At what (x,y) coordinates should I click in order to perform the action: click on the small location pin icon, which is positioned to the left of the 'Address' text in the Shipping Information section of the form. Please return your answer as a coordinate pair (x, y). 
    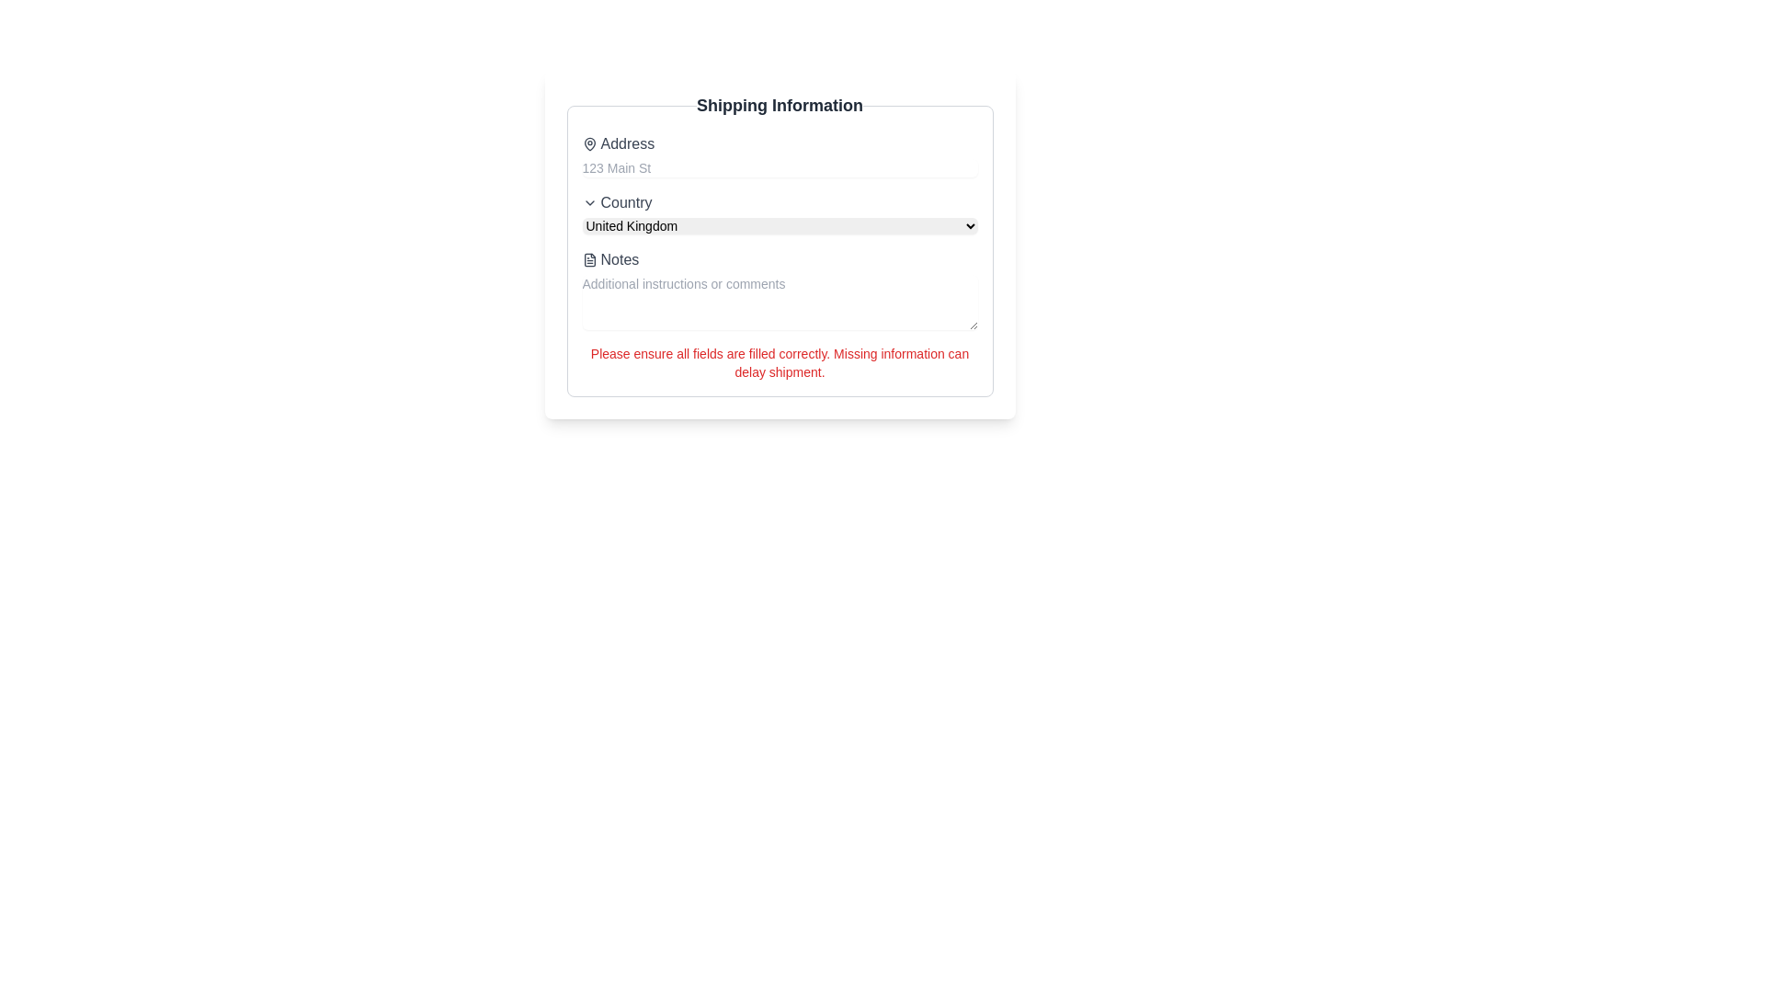
    Looking at the image, I should click on (589, 143).